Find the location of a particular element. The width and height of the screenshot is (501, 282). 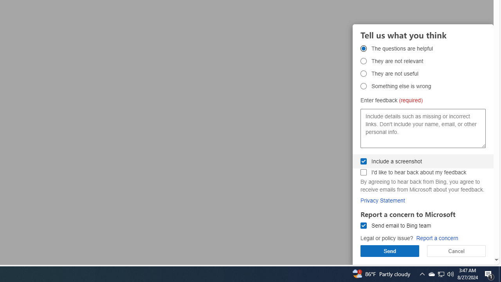

'Send' is located at coordinates (390, 251).